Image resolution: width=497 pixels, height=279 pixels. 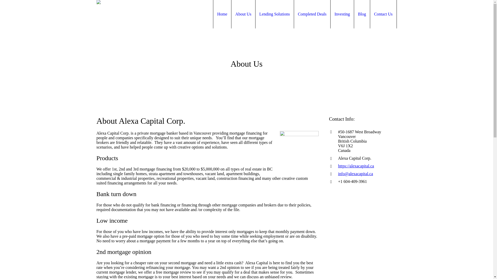 What do you see at coordinates (356, 166) in the screenshot?
I see `'https://alexacapital.ca'` at bounding box center [356, 166].